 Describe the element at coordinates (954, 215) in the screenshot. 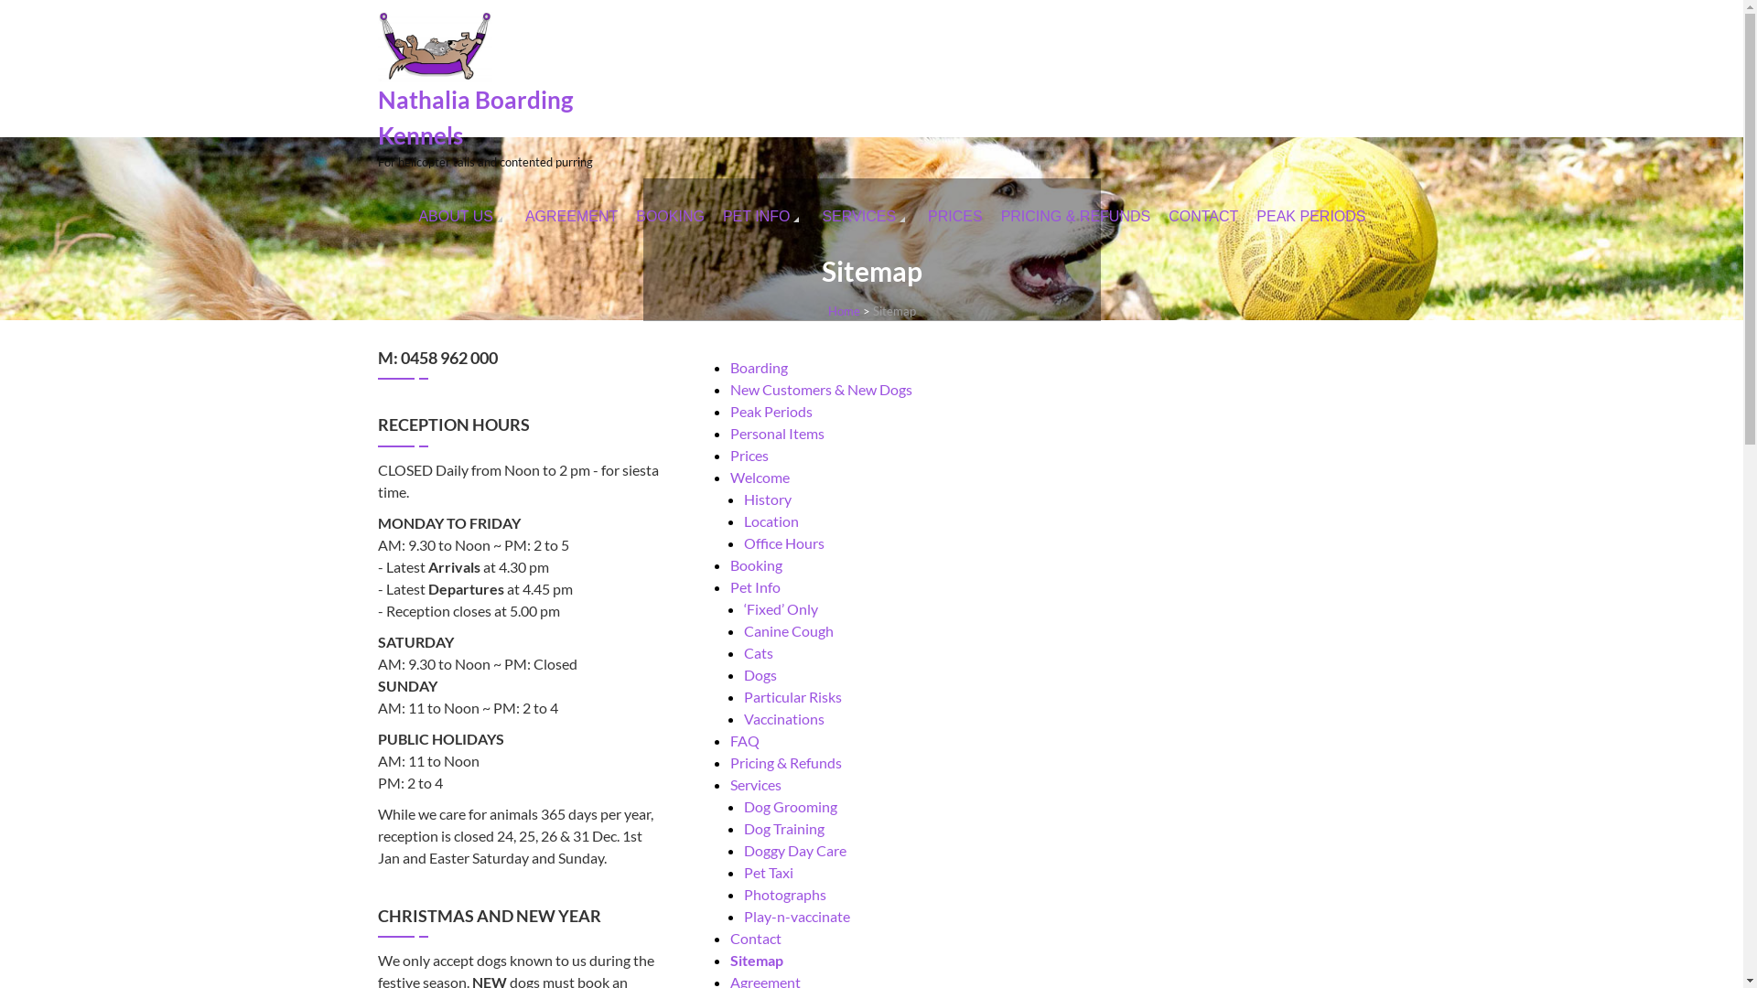

I see `'PRICES'` at that location.